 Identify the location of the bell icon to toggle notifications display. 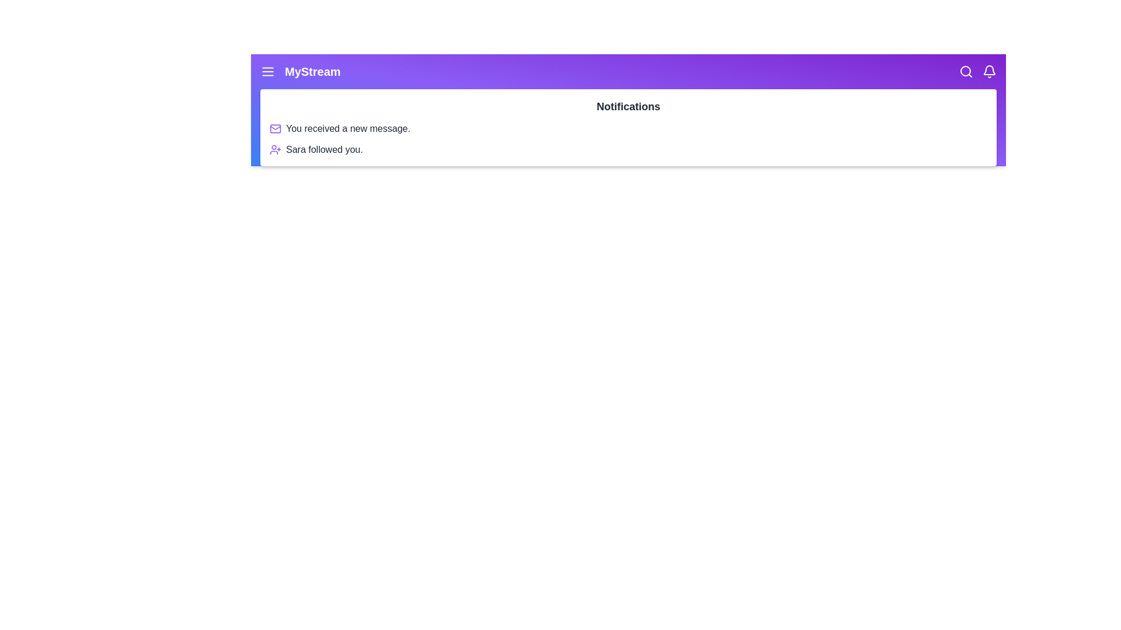
(988, 72).